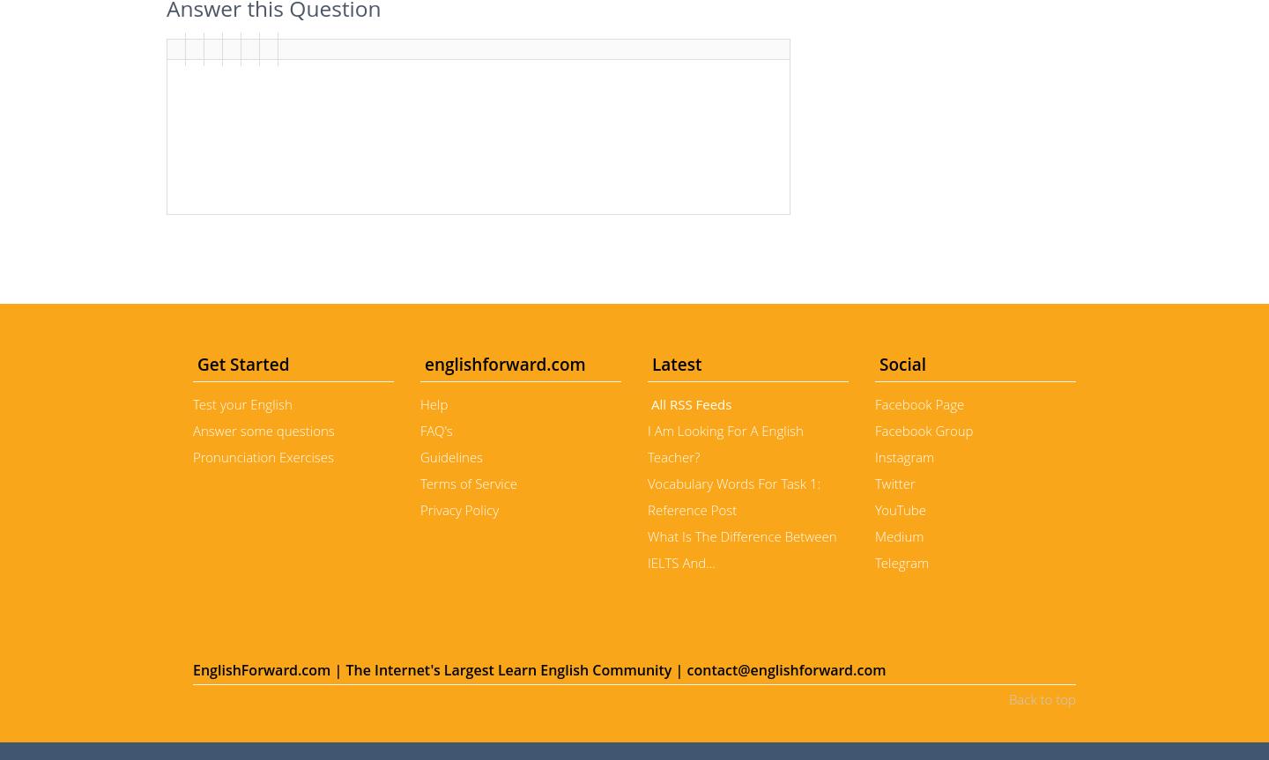 This screenshot has height=760, width=1269. Describe the element at coordinates (724, 442) in the screenshot. I see `'I Am Looking For A English Teacher?'` at that location.